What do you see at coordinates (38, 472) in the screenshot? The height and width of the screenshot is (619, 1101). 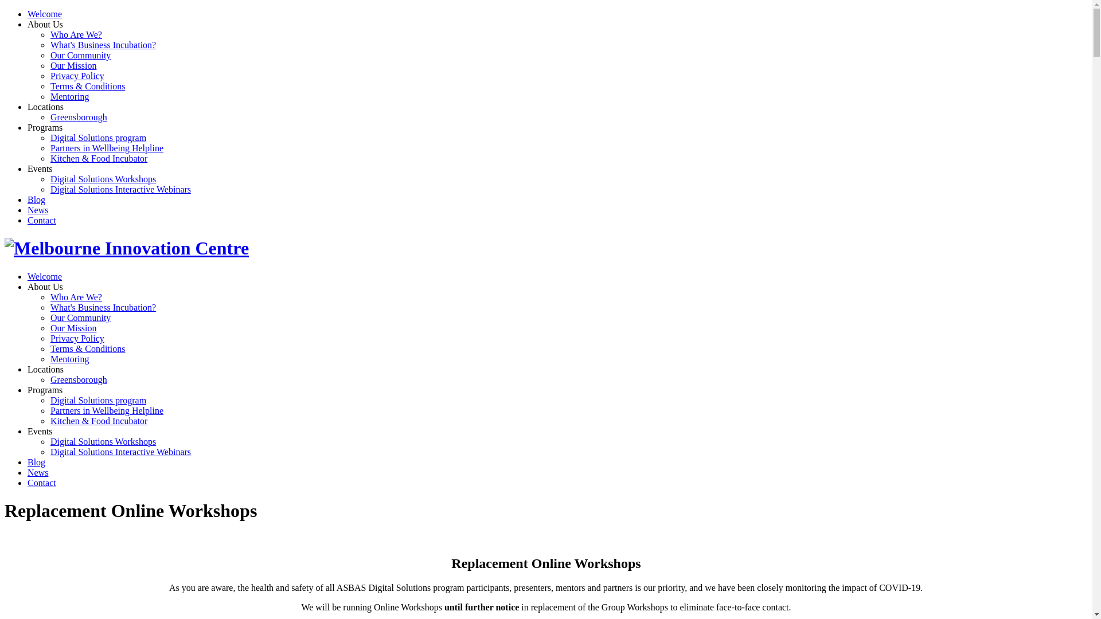 I see `'News'` at bounding box center [38, 472].